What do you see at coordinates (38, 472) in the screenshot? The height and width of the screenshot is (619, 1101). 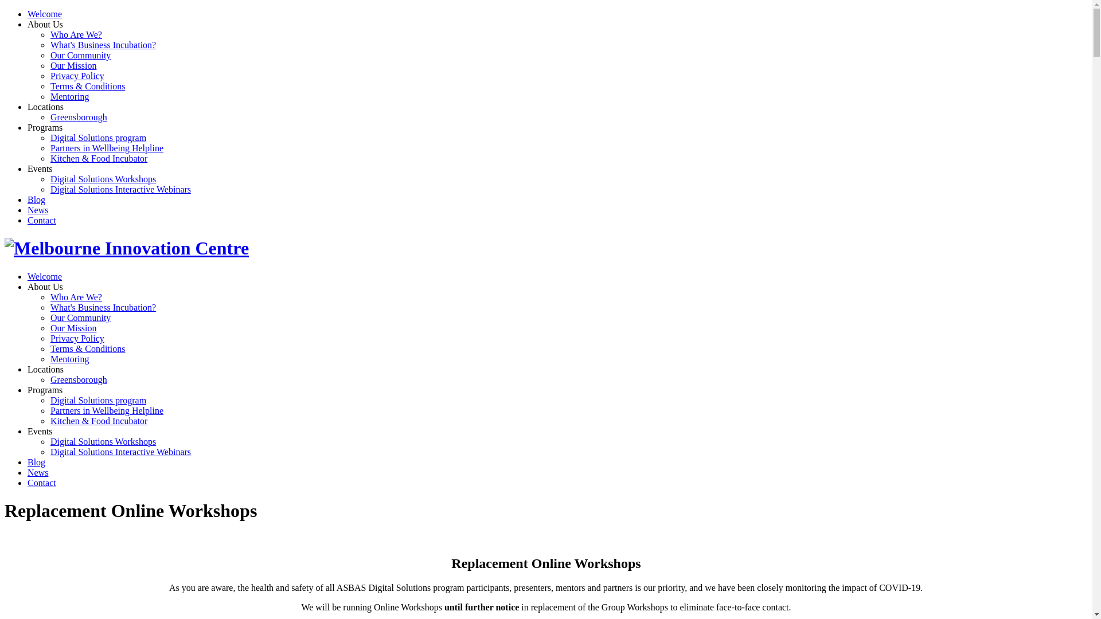 I see `'News'` at bounding box center [38, 472].